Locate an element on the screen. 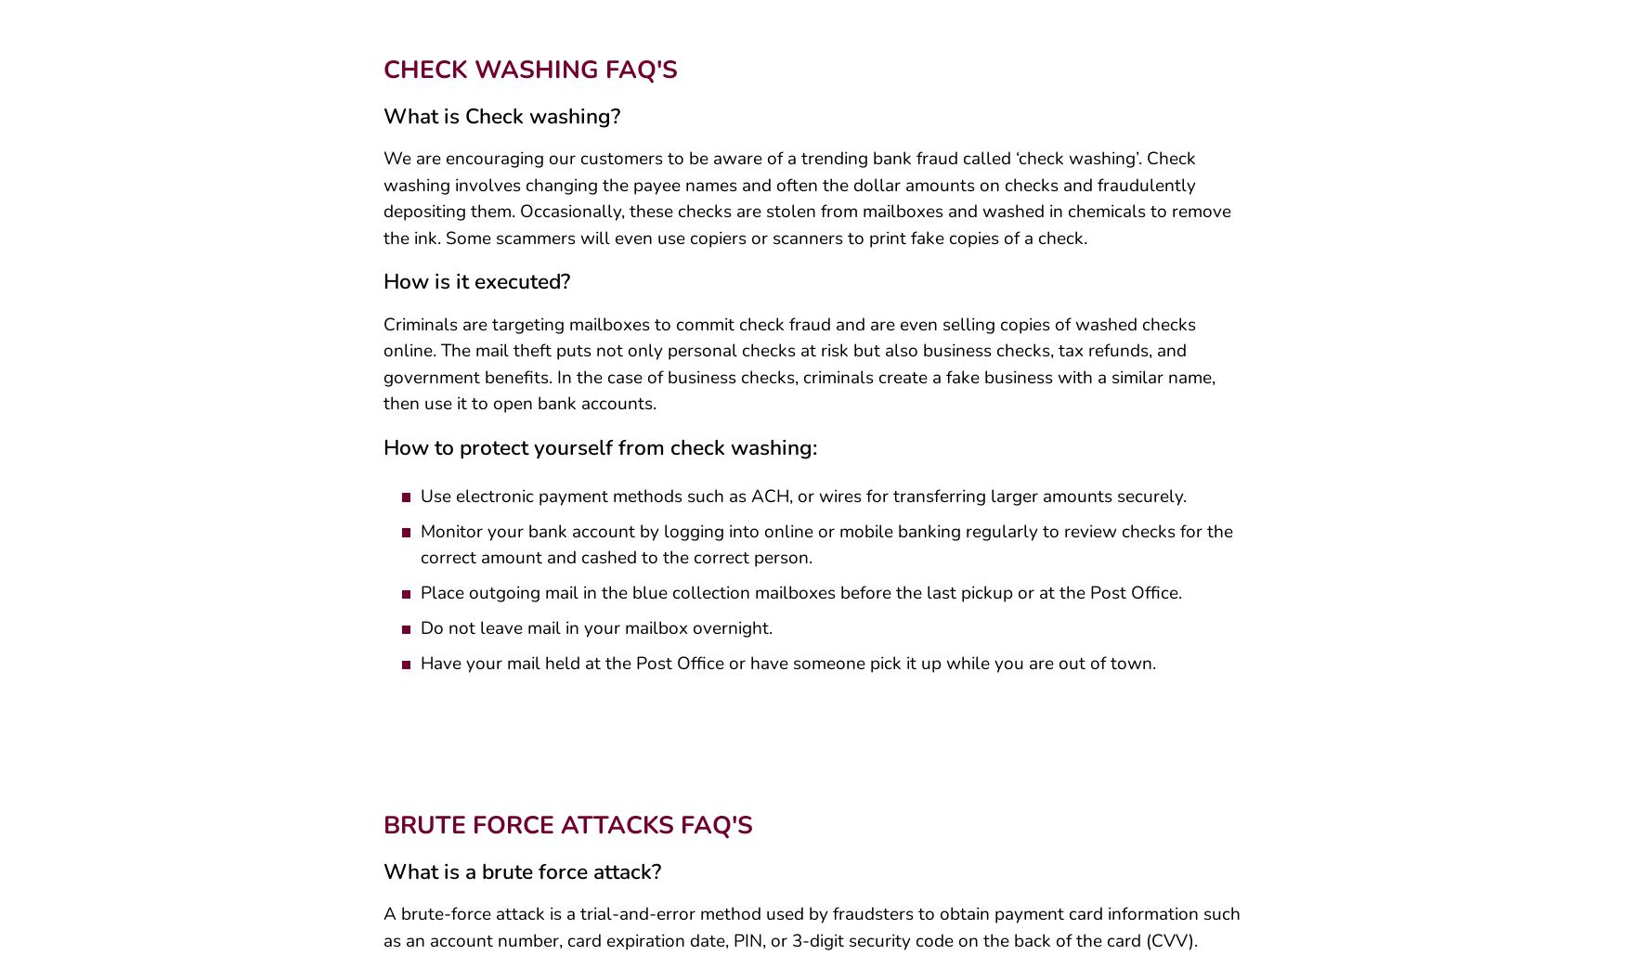 Image resolution: width=1625 pixels, height=968 pixels. 'A brute-force attack is a trial-and-error method used by fraudsters to obtain payment card information such as an account number, card expiration date, PIN, or 3-digit security code on the back of the card (CVV).' is located at coordinates (811, 935).